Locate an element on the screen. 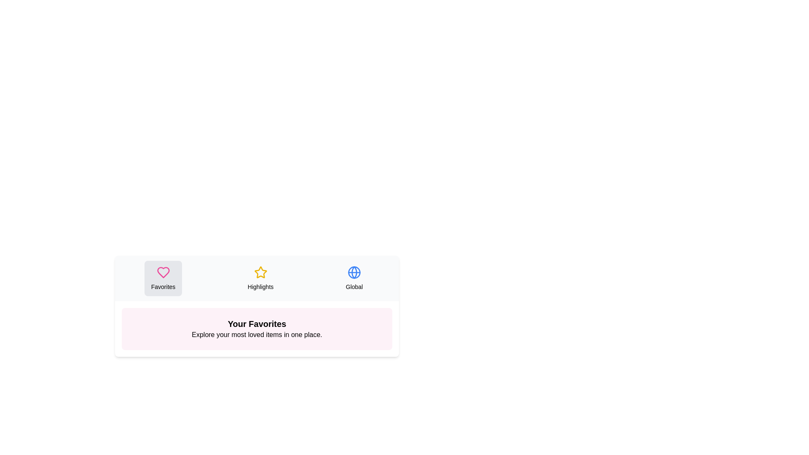  the Favorites tab is located at coordinates (163, 278).